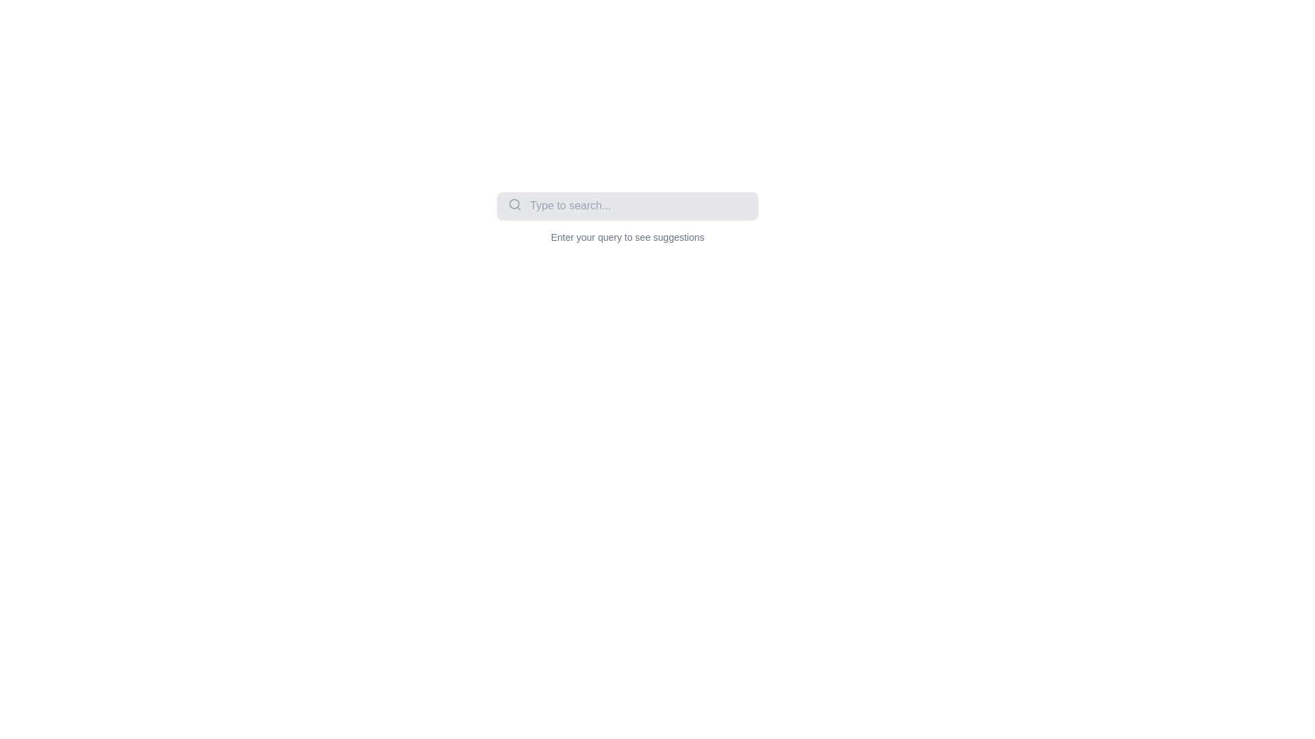 The image size is (1315, 739). I want to click on the search icon located in the central search bar, which allows users to enter text queries for searches, so click(627, 218).